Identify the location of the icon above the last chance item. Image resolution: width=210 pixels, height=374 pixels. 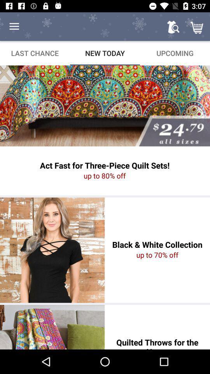
(14, 26).